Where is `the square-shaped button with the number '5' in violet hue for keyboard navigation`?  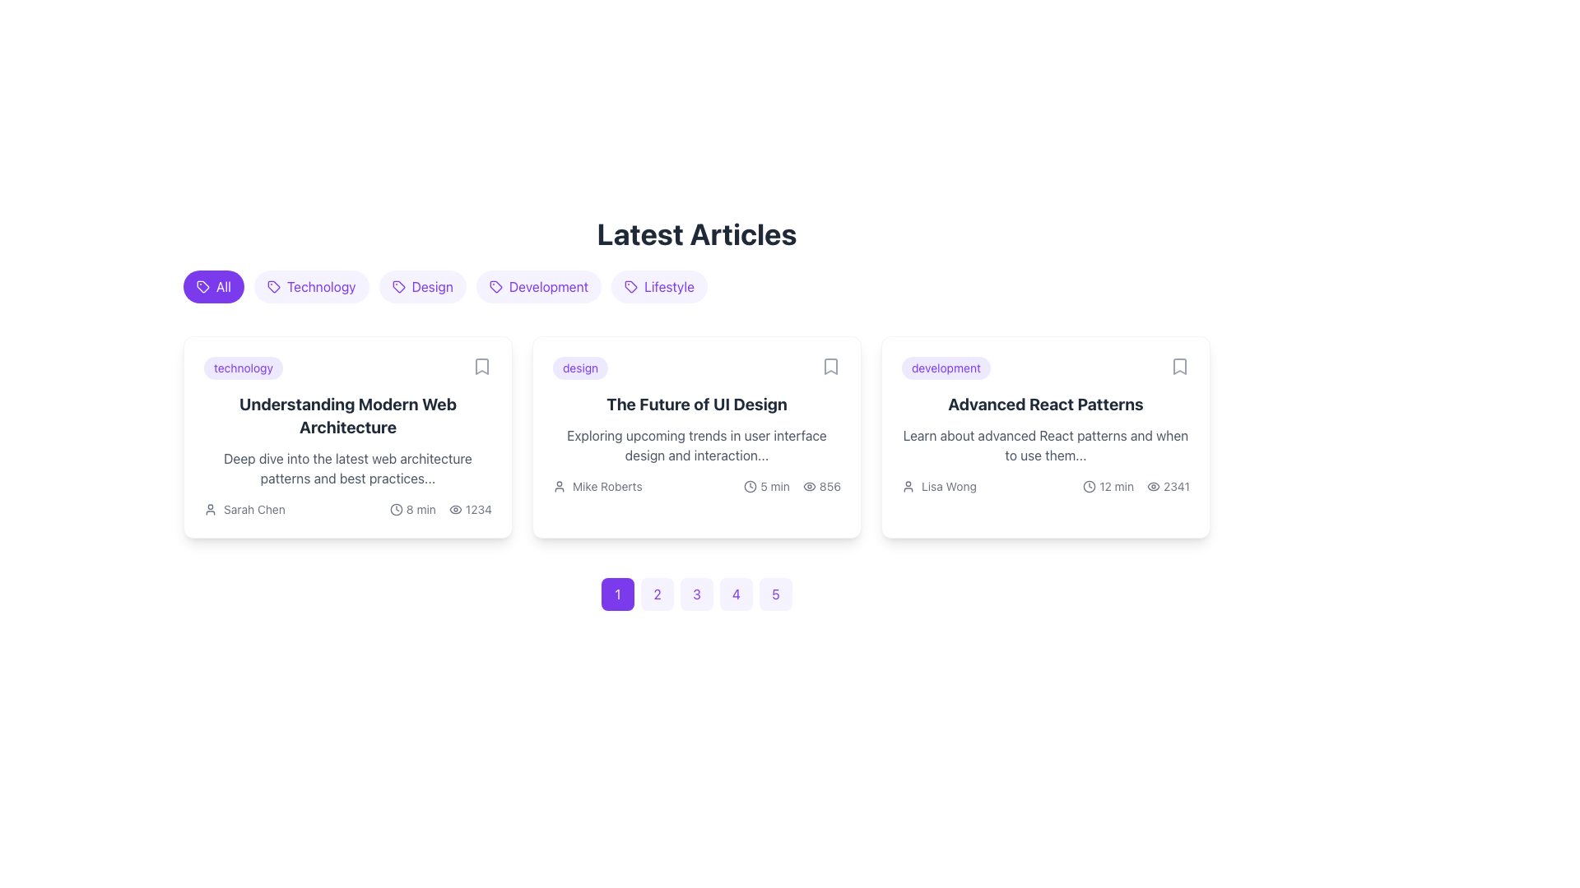
the square-shaped button with the number '5' in violet hue for keyboard navigation is located at coordinates (774, 594).